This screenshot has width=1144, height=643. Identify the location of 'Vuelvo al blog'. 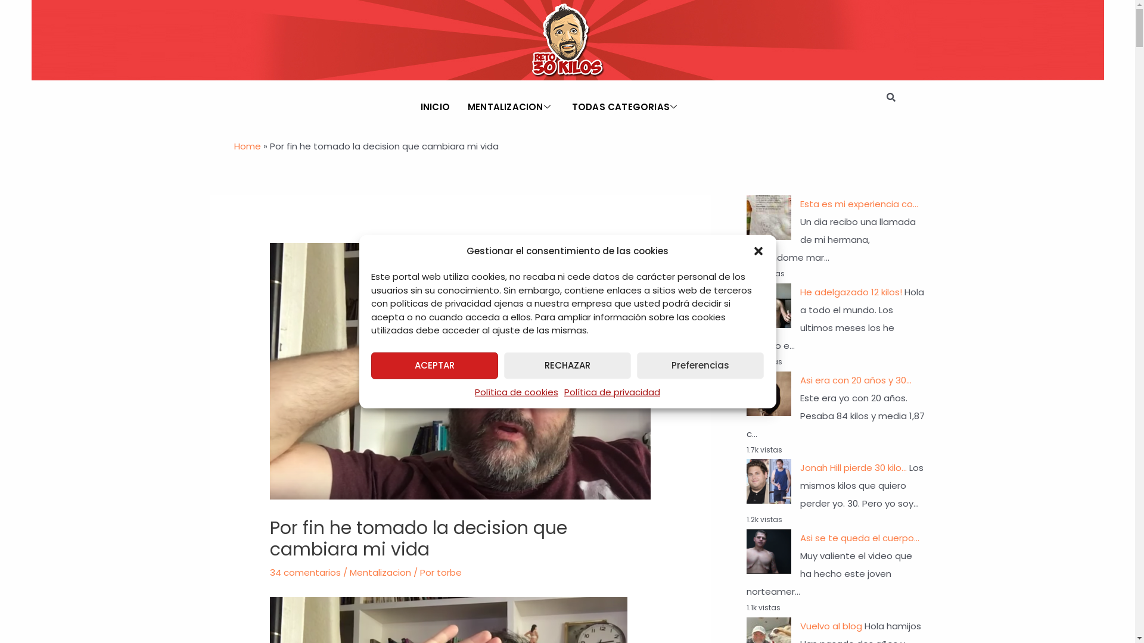
(829, 625).